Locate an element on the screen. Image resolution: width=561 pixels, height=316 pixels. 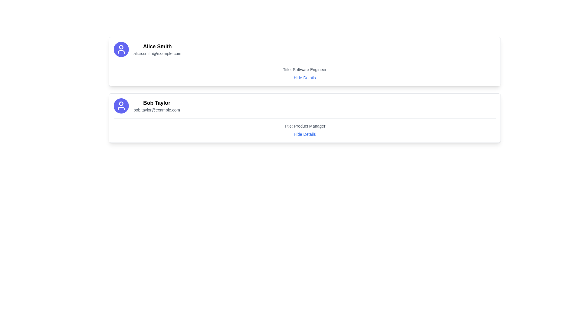
the 'Hide Details' link under the user information for 'Bob Taylor' in the second card, which displays 'Title: Product Manager' in gray and the actionable link in blue is located at coordinates (304, 127).